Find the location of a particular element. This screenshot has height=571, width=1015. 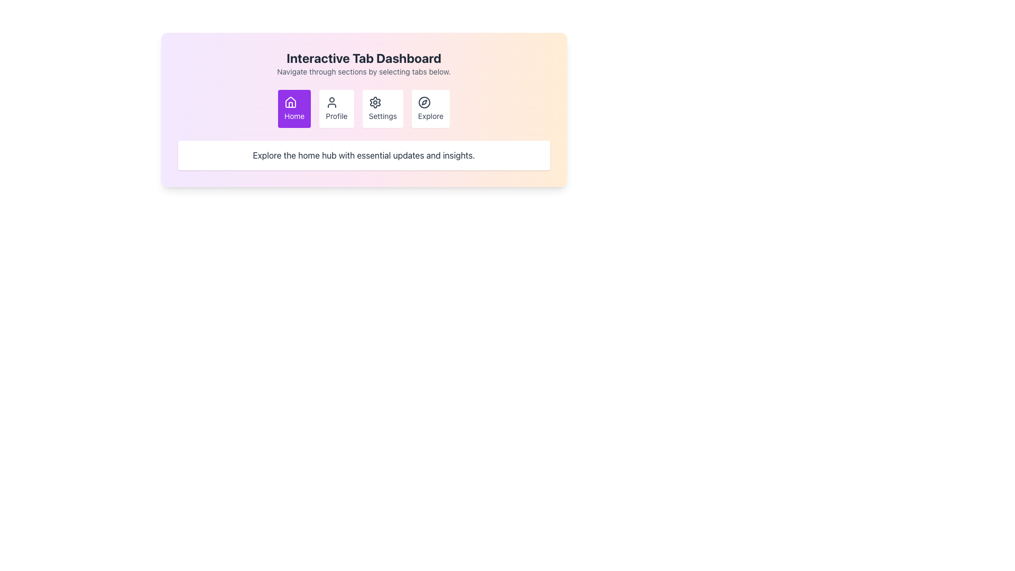

the 'Settings' icon located in the center of the main dashboard area under the title 'Interactive Tab Dashboard' is located at coordinates (375, 102).